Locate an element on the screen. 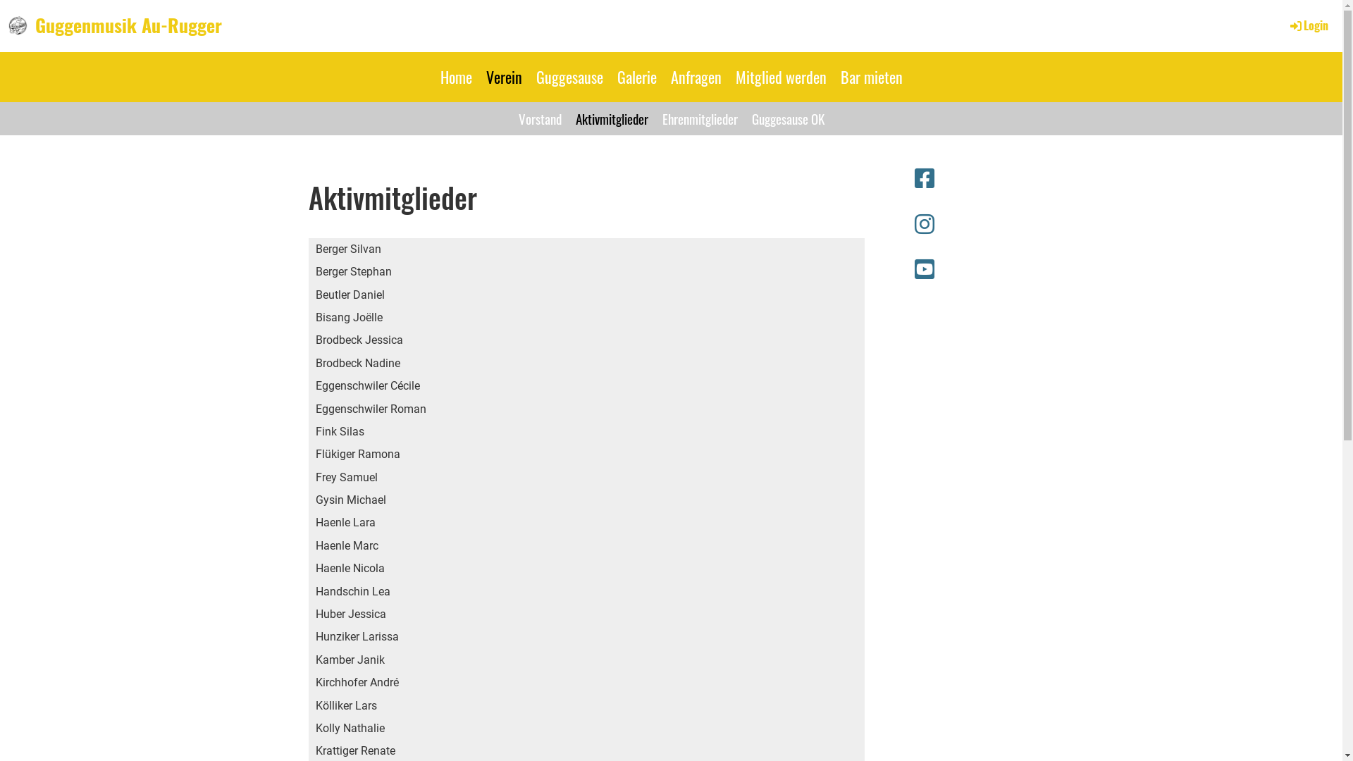 The width and height of the screenshot is (1353, 761). 'Haenle Lara' is located at coordinates (307, 522).